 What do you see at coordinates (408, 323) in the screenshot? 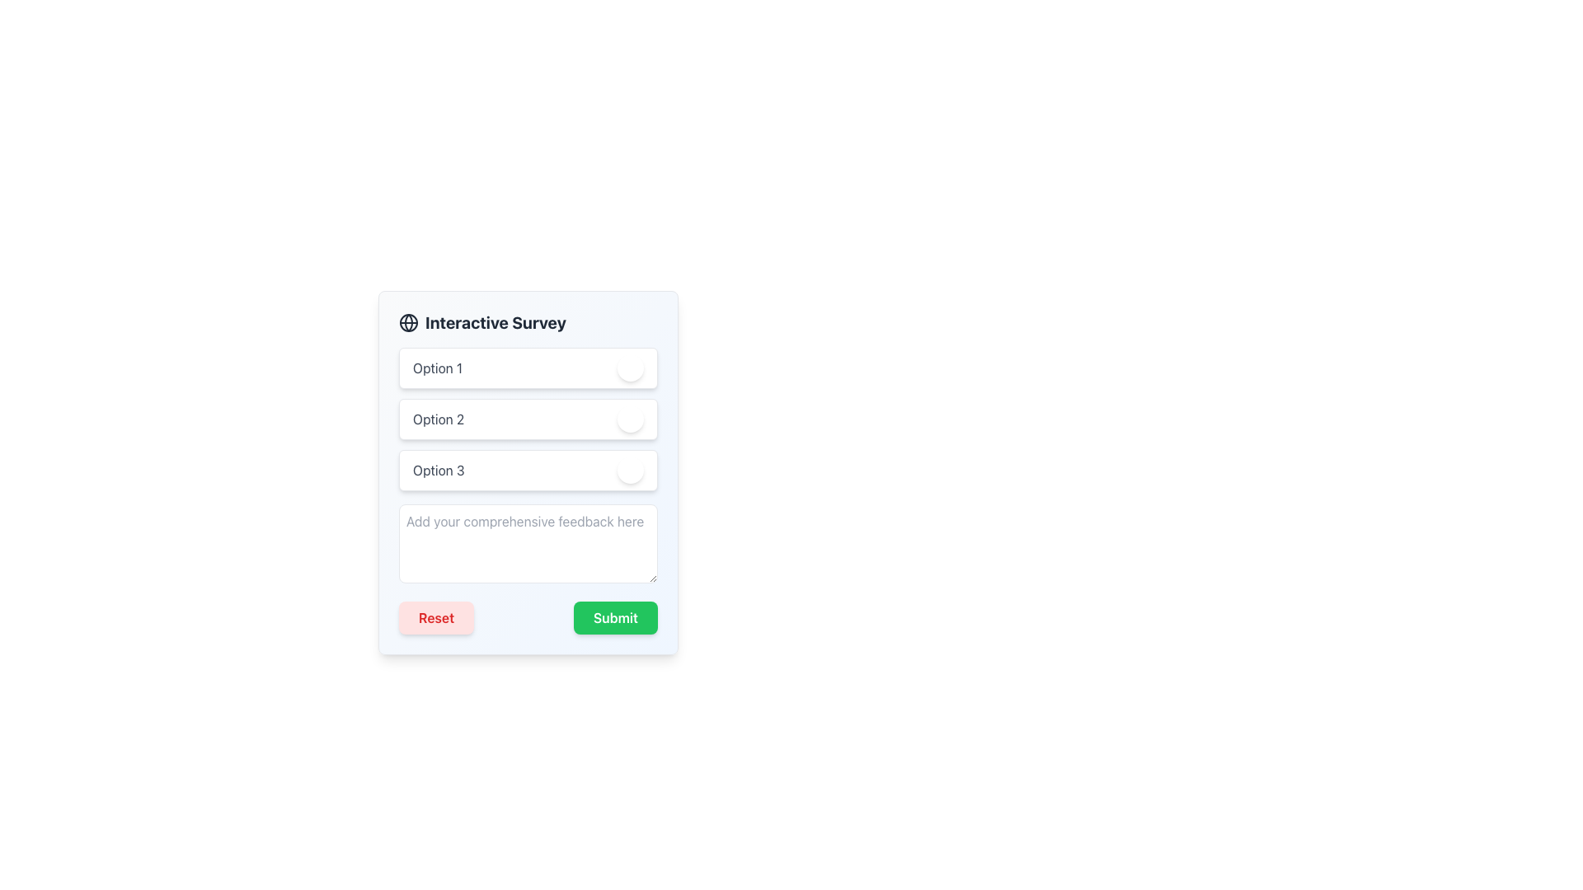
I see `the decorative icon representing a global or survey-related theme, located to the left of the 'Interactive Survey' text in the header of the survey form` at bounding box center [408, 323].